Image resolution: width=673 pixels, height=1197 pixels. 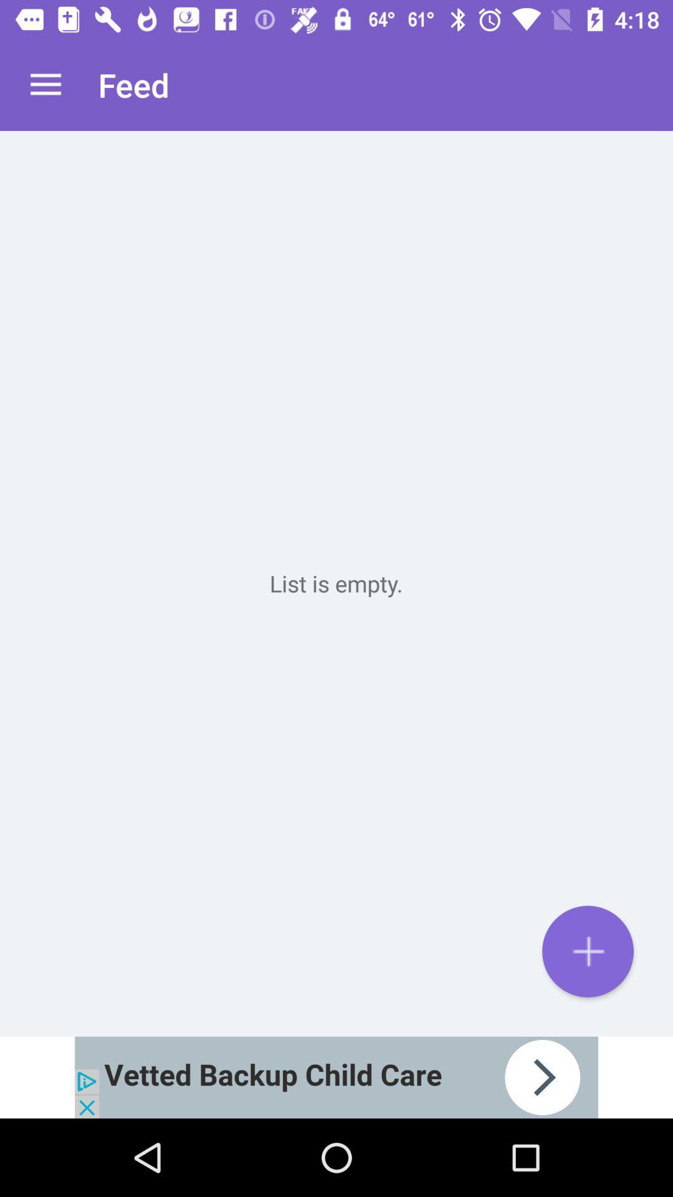 I want to click on text, so click(x=588, y=951).